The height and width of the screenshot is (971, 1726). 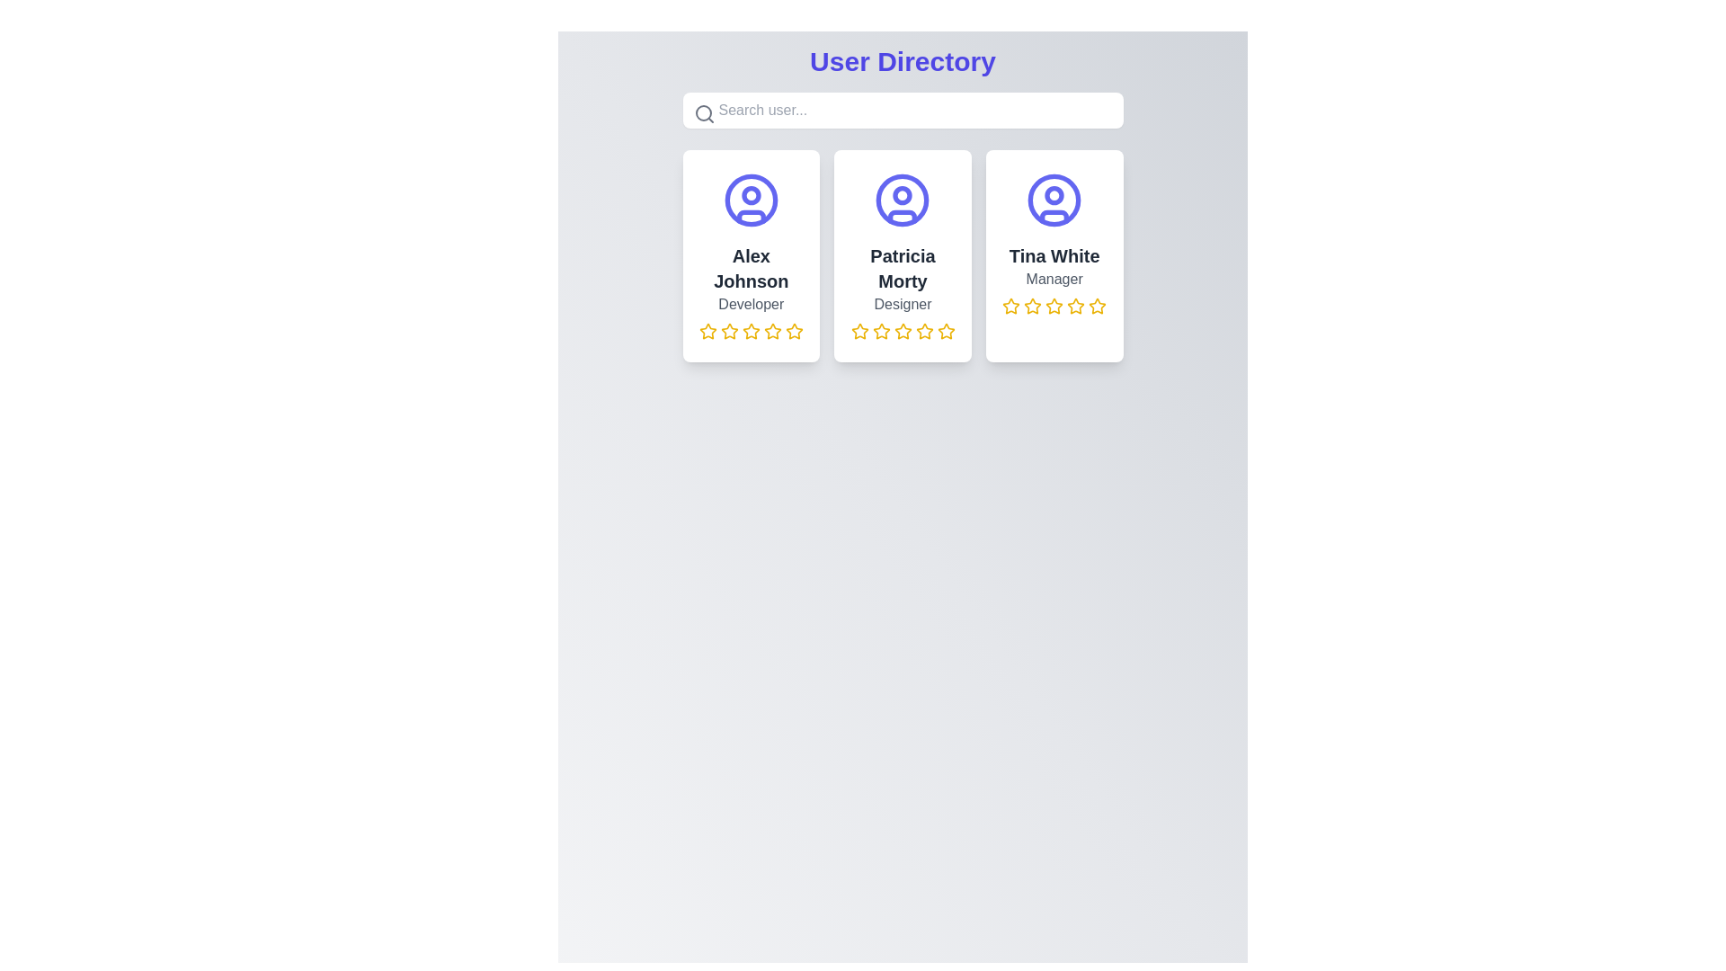 I want to click on the third star icon in the rating system associated with user 'Patricia Morty', so click(x=881, y=332).